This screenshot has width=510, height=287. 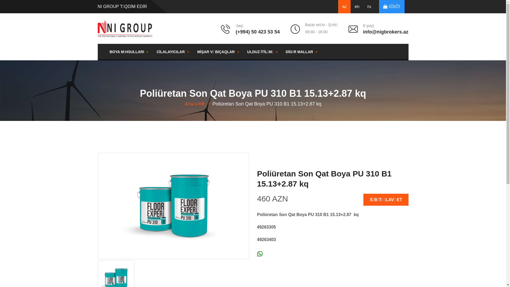 I want to click on 'ru', so click(x=369, y=6).